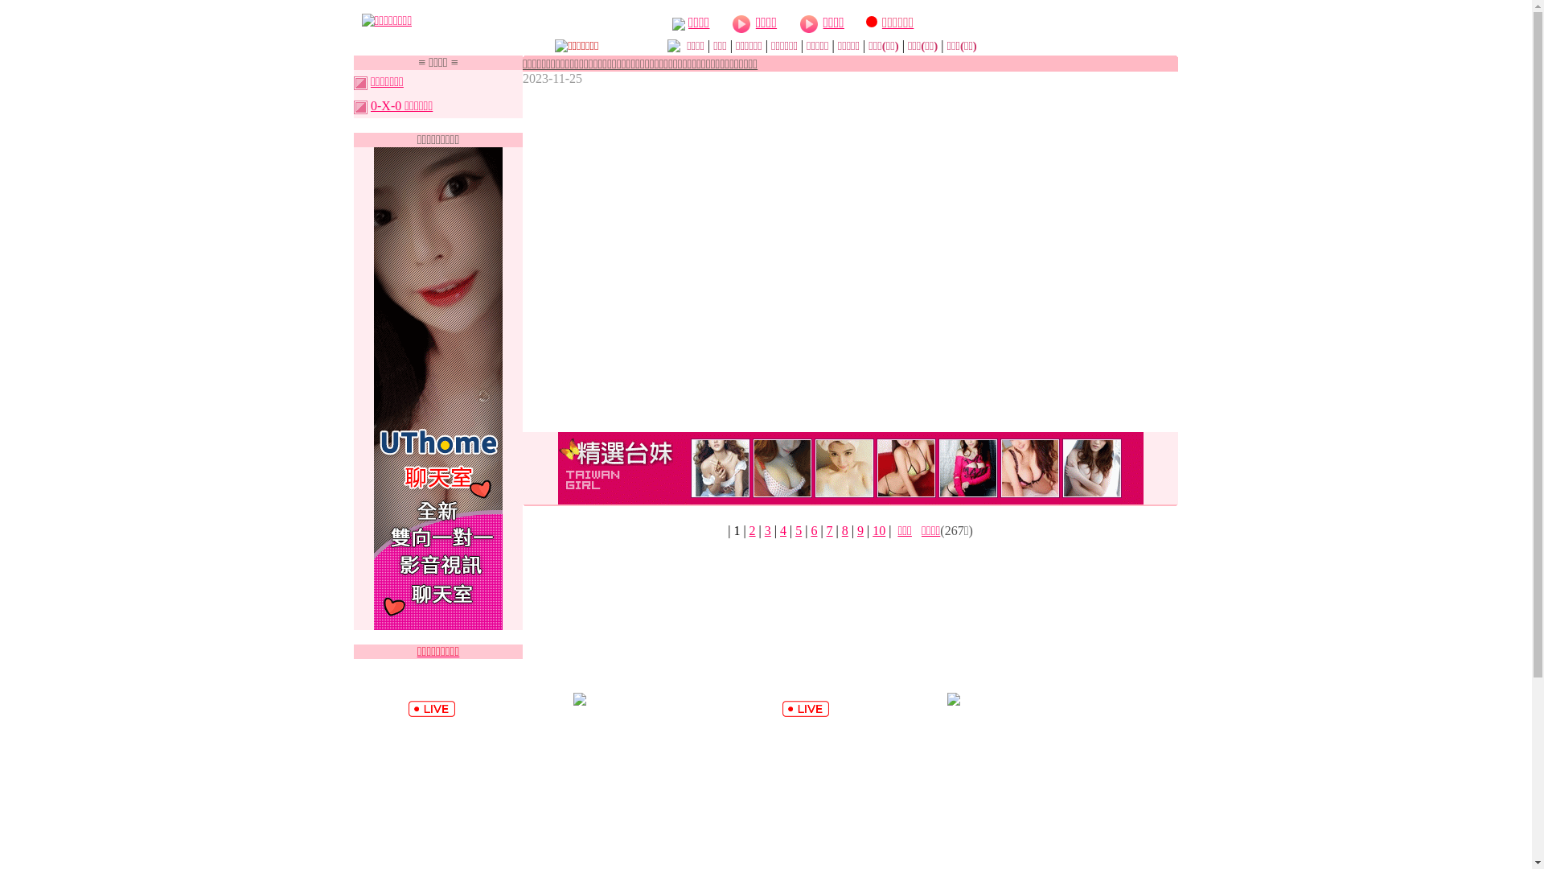  Describe the element at coordinates (767, 530) in the screenshot. I see `'3'` at that location.